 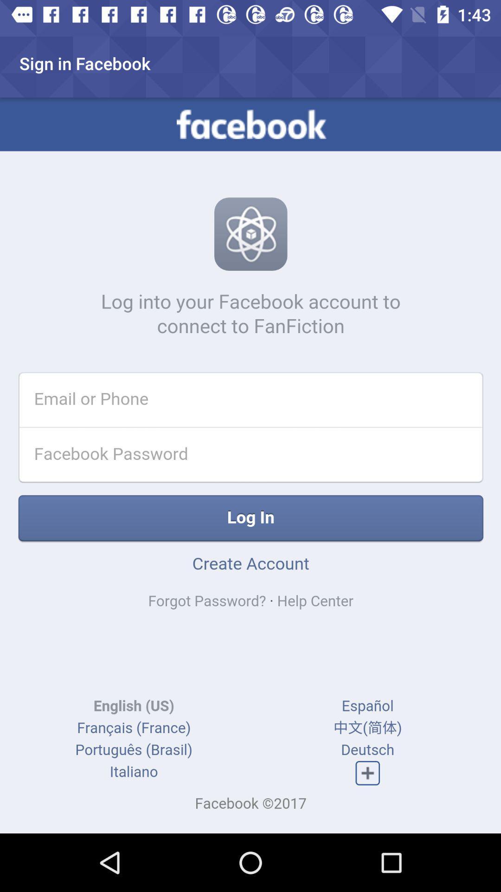 I want to click on facebook login, so click(x=250, y=466).